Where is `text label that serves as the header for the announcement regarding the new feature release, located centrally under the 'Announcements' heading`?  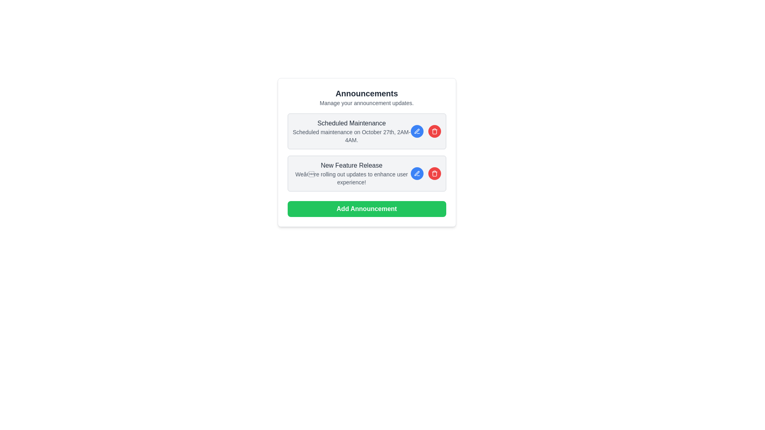 text label that serves as the header for the announcement regarding the new feature release, located centrally under the 'Announcements' heading is located at coordinates (351, 165).